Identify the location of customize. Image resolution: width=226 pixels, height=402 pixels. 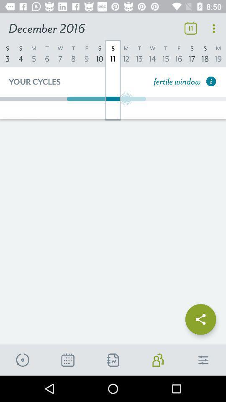
(203, 360).